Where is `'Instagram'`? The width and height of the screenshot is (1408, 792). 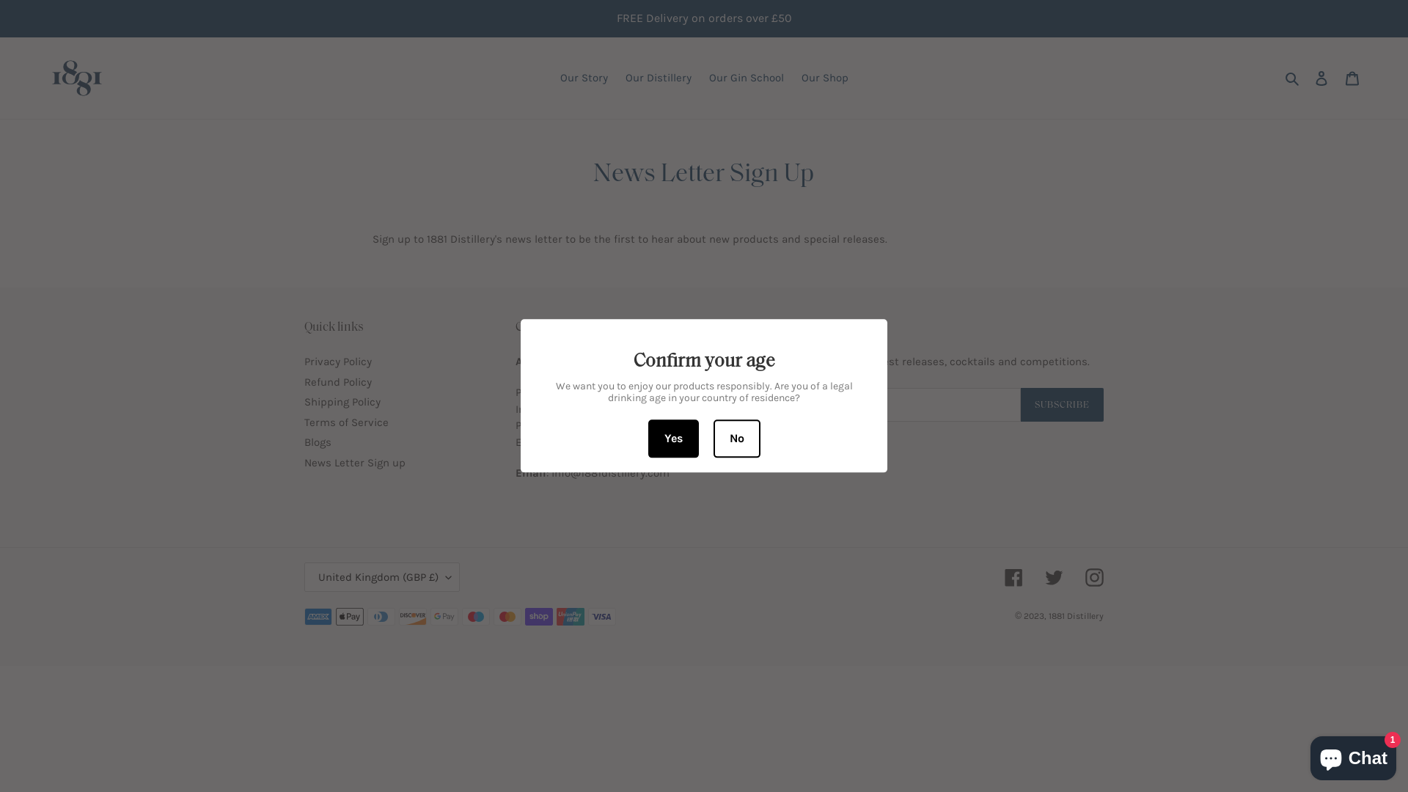 'Instagram' is located at coordinates (1094, 576).